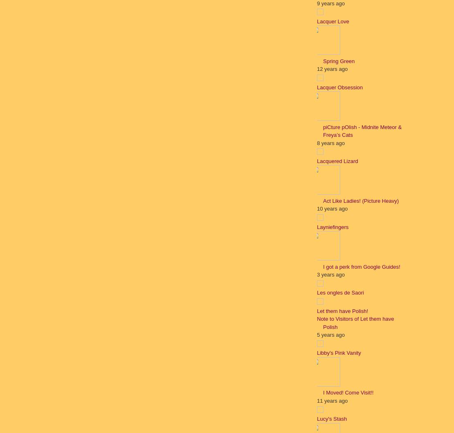 This screenshot has width=454, height=433. What do you see at coordinates (360, 200) in the screenshot?
I see `'Act Like Ladies! (Picture Heavy)'` at bounding box center [360, 200].